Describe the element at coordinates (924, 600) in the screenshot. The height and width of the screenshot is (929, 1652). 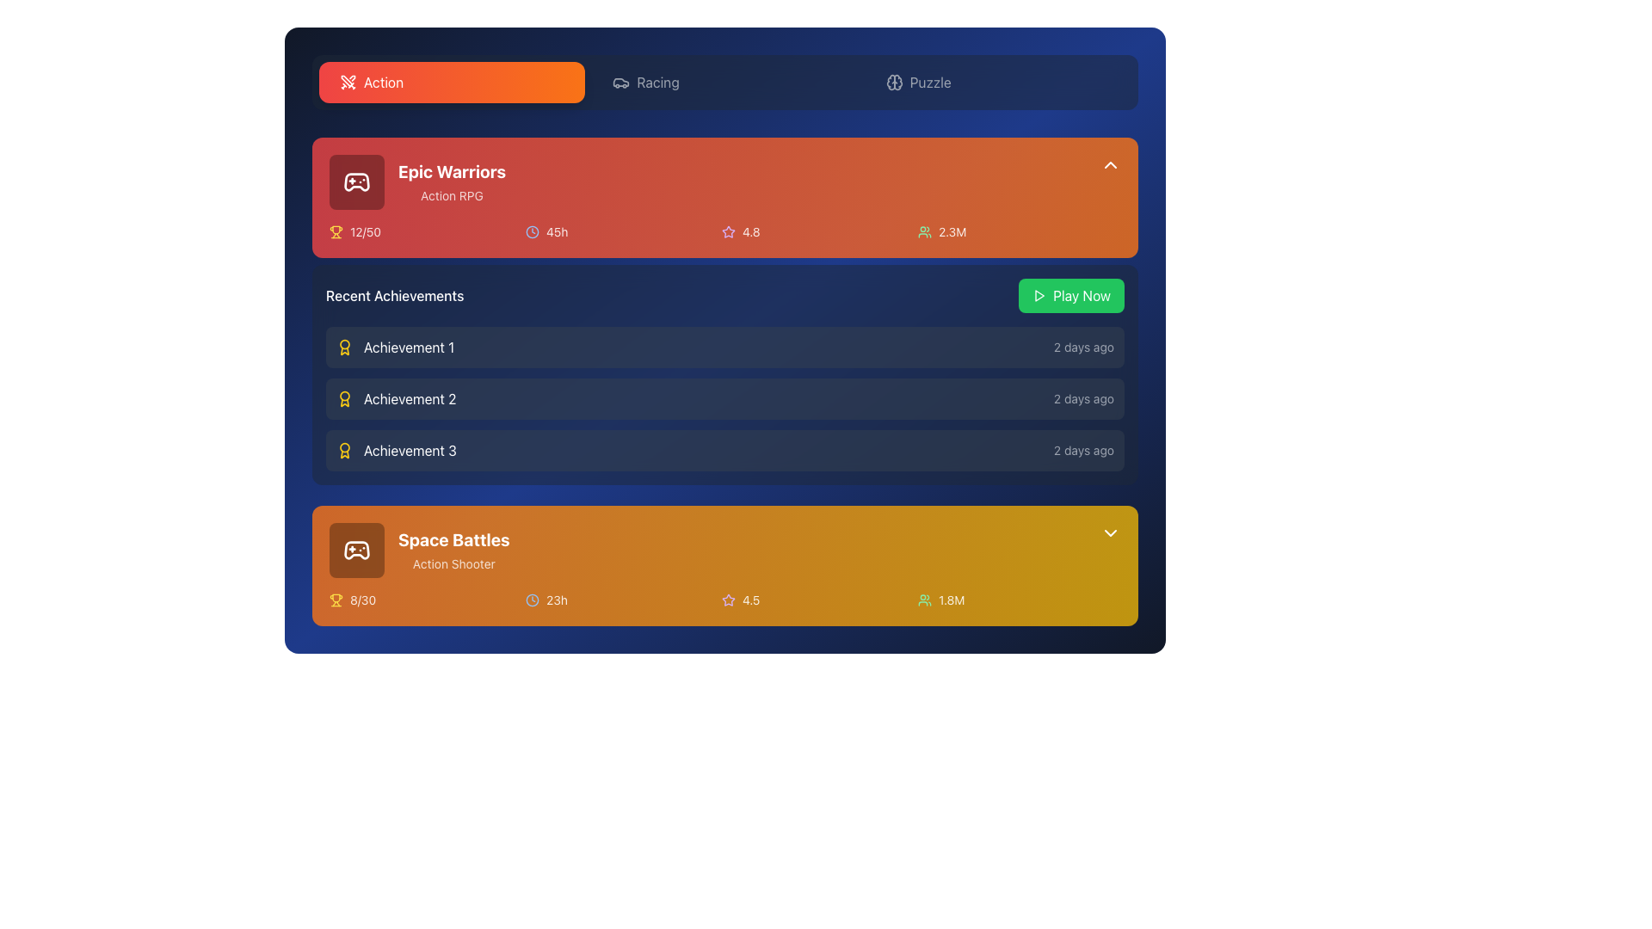
I see `the user engagement icon (SVG) located in the bottom-right section of the 'Space Battles' game card` at that location.